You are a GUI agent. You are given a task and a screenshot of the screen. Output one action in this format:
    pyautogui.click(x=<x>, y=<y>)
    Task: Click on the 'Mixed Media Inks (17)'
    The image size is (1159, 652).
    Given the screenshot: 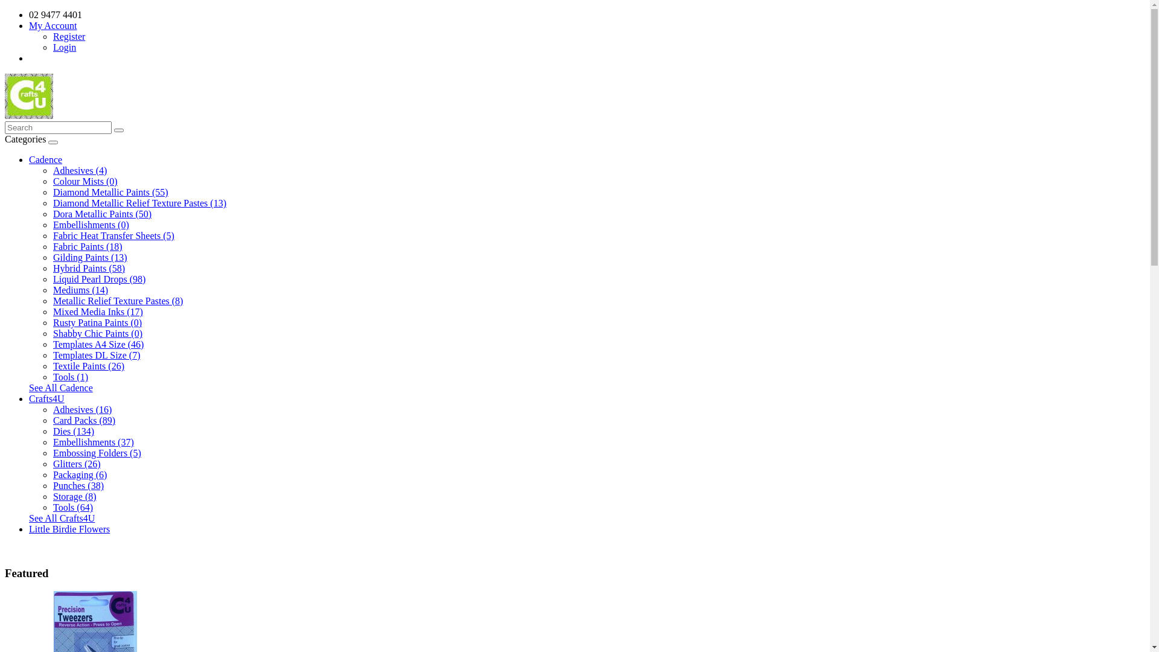 What is the action you would take?
    pyautogui.click(x=98, y=311)
    